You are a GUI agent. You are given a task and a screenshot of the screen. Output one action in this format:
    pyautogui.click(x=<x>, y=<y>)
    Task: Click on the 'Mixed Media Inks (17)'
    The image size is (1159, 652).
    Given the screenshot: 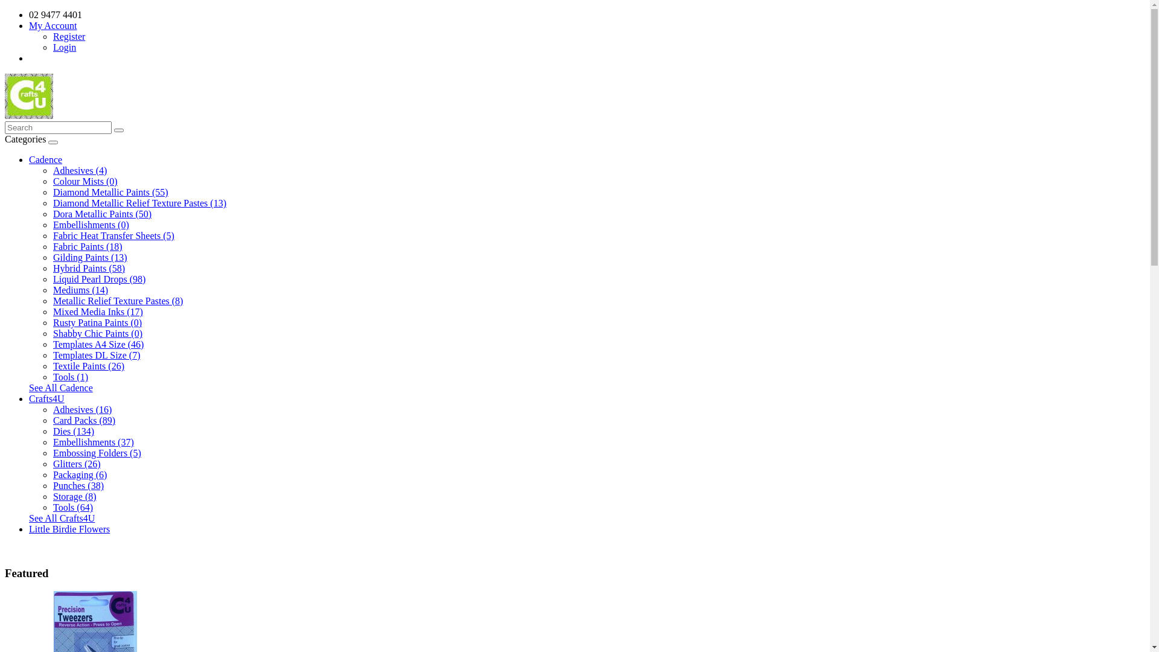 What is the action you would take?
    pyautogui.click(x=98, y=311)
    